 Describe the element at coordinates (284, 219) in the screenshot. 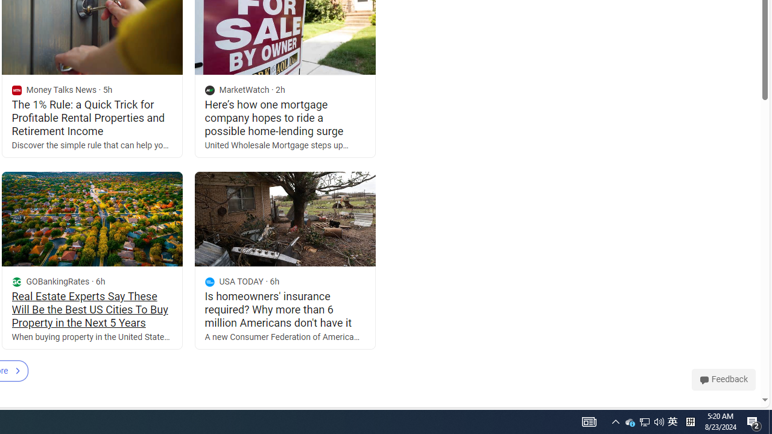

I see `'Class: index-module__image--a7f677'` at that location.